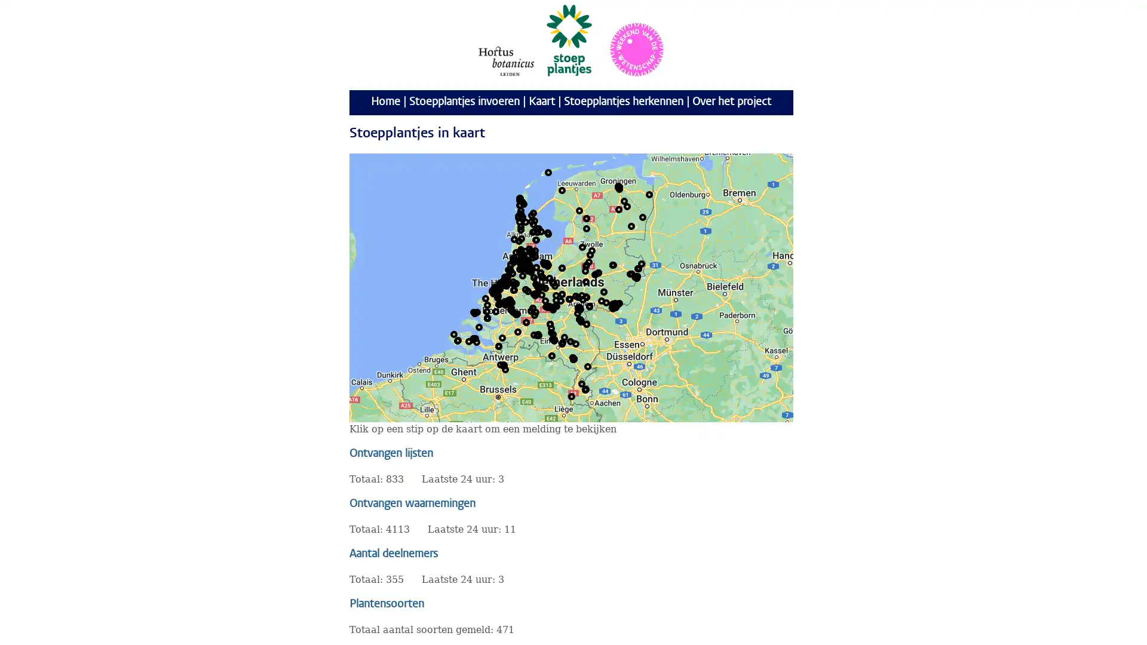 The width and height of the screenshot is (1147, 645). What do you see at coordinates (636, 277) in the screenshot?
I see `Telling van Marcel Meijer Hof op 22 januari 2022` at bounding box center [636, 277].